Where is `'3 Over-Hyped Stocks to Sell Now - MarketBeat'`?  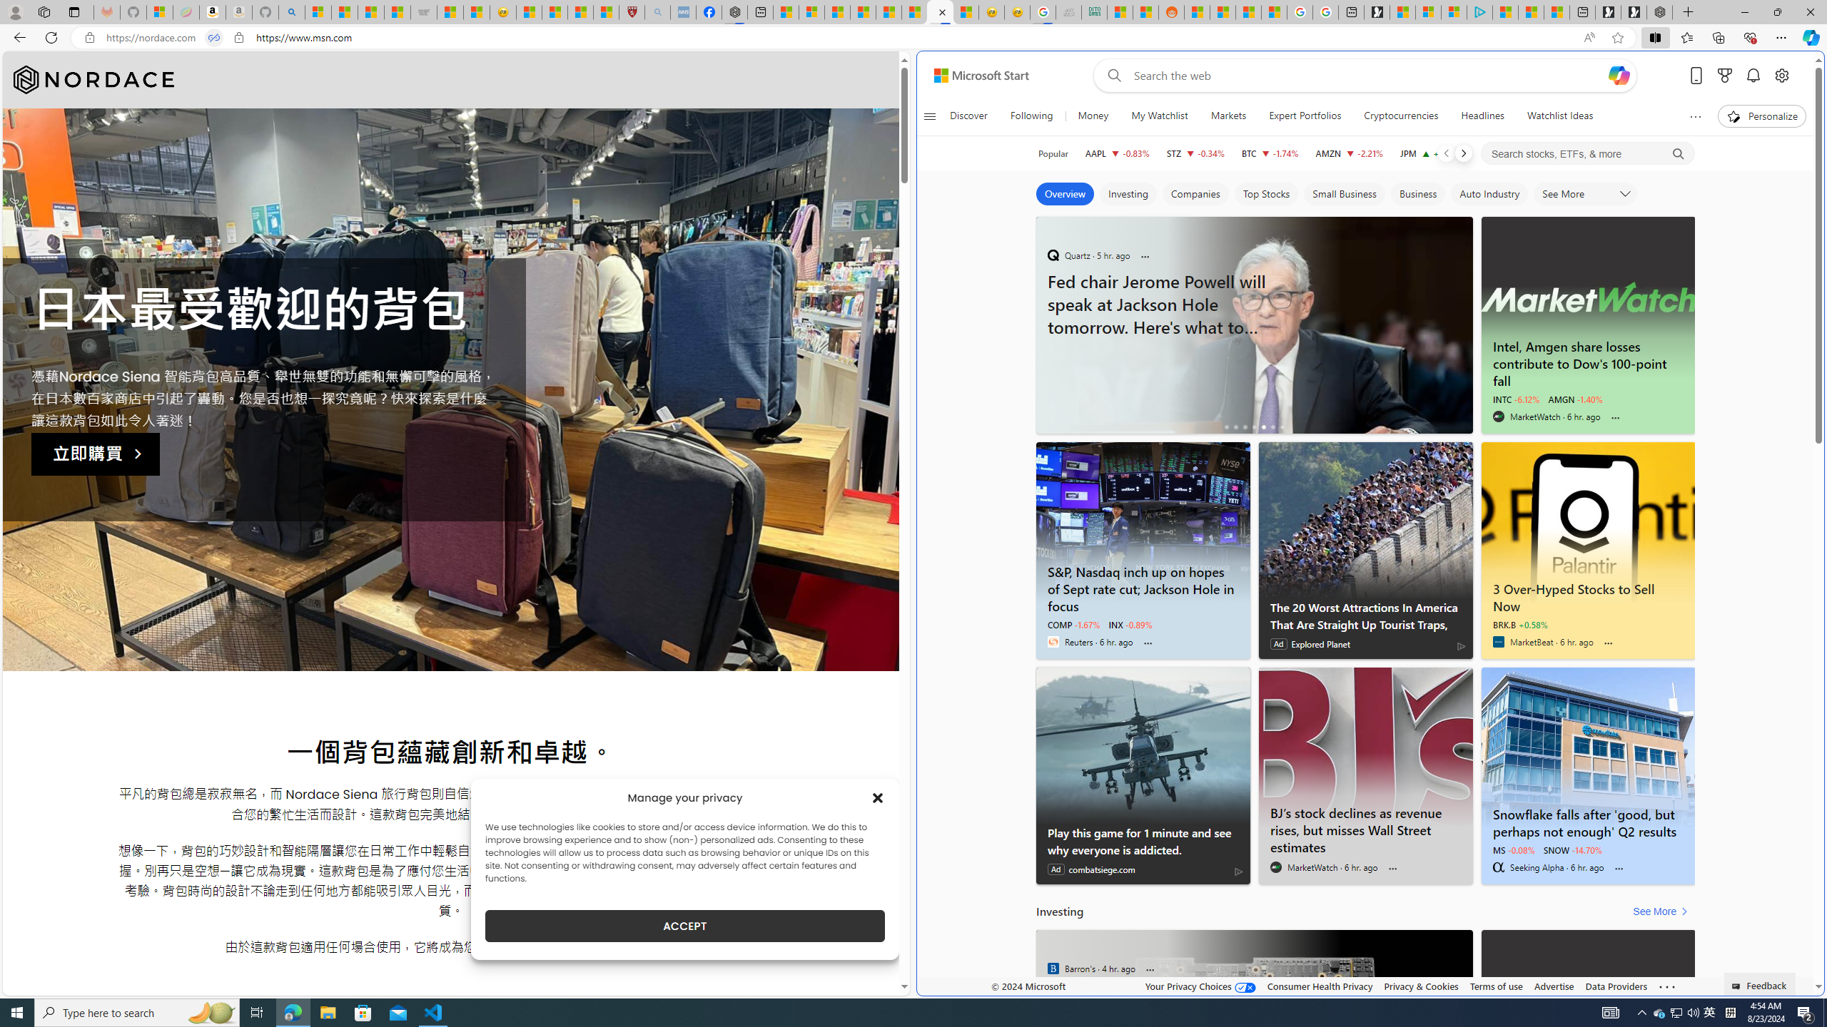 '3 Over-Hyped Stocks to Sell Now - MarketBeat' is located at coordinates (1588, 521).